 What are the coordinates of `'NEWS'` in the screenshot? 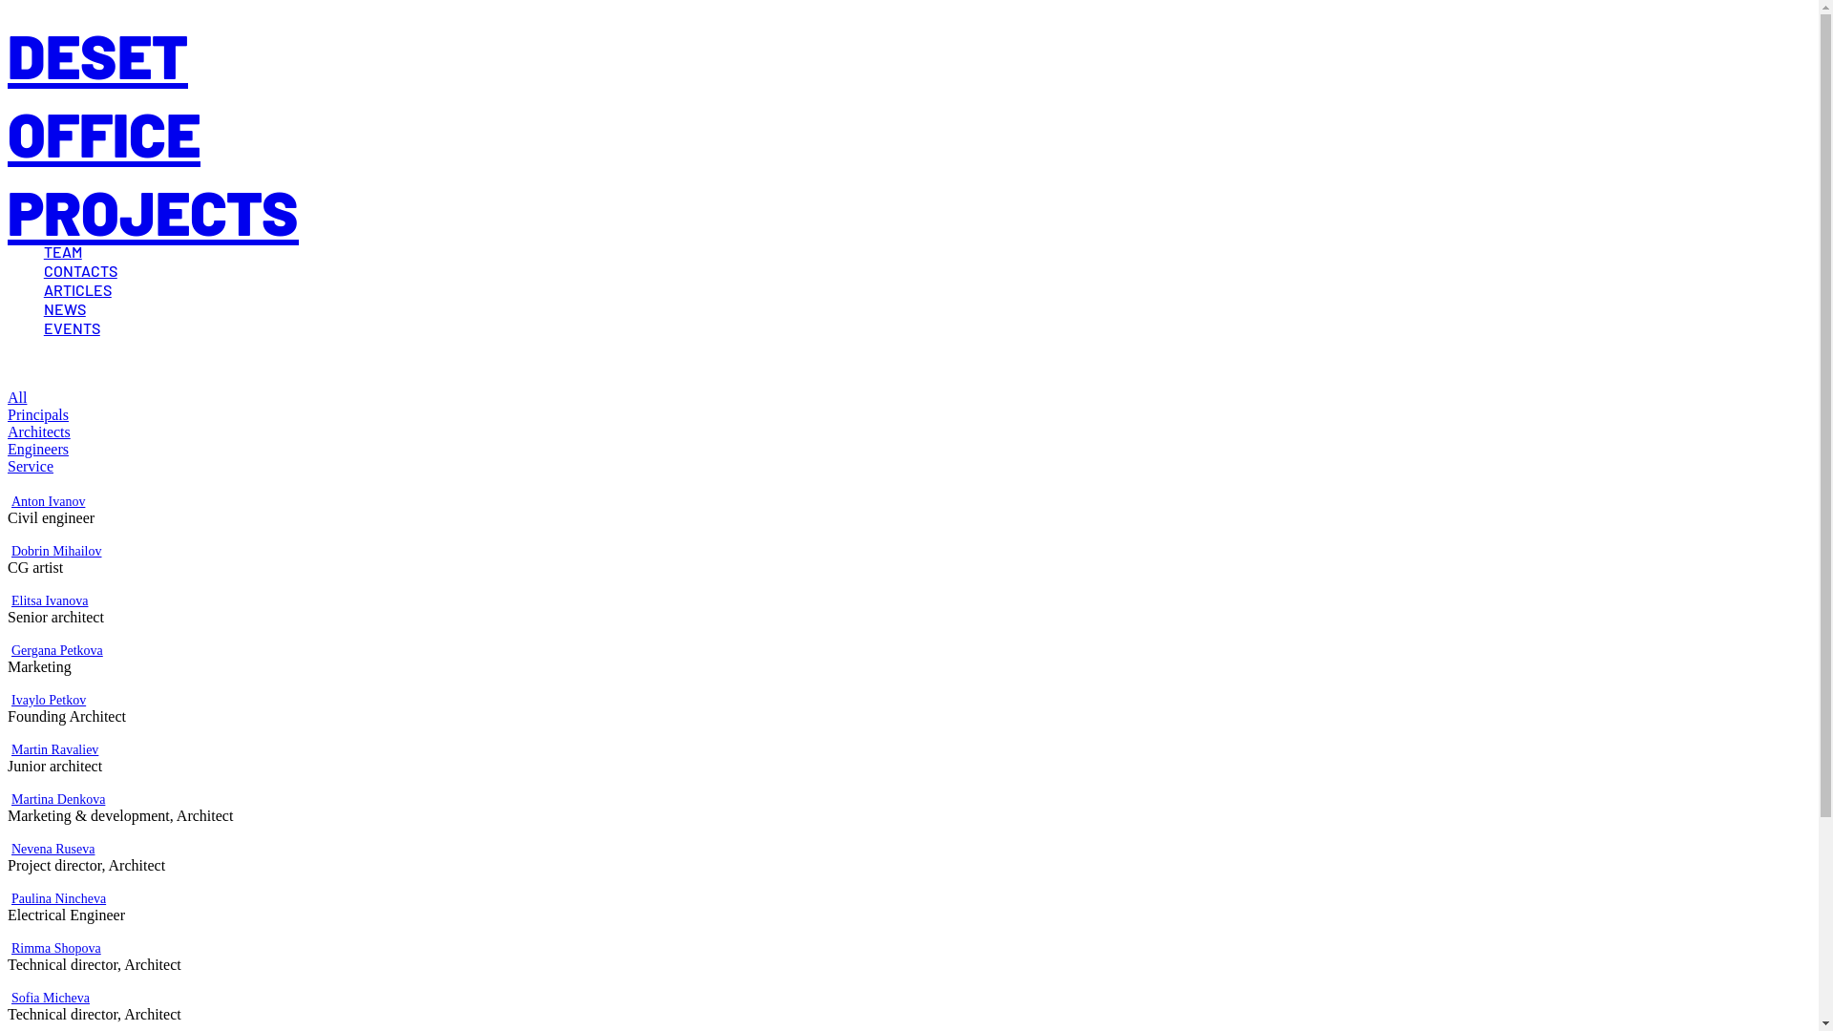 It's located at (64, 307).